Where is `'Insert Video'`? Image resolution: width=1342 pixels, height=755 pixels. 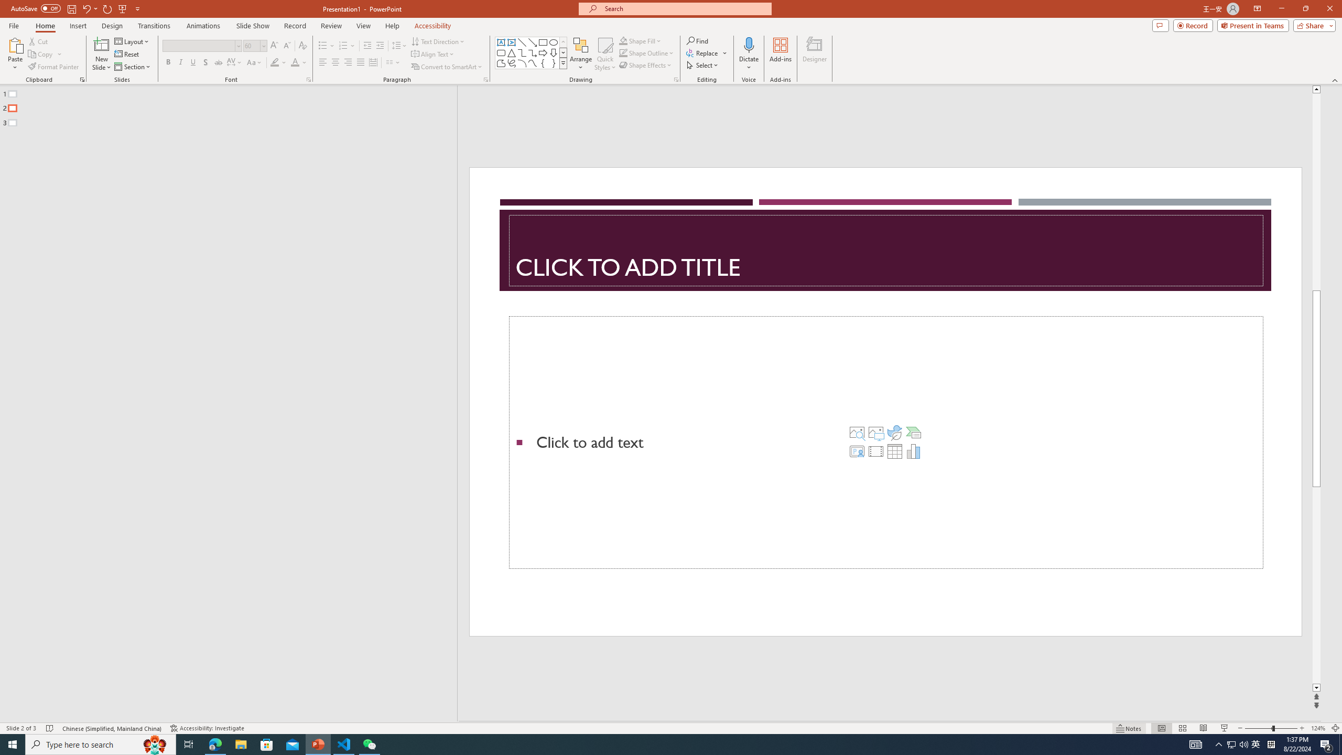
'Insert Video' is located at coordinates (875, 451).